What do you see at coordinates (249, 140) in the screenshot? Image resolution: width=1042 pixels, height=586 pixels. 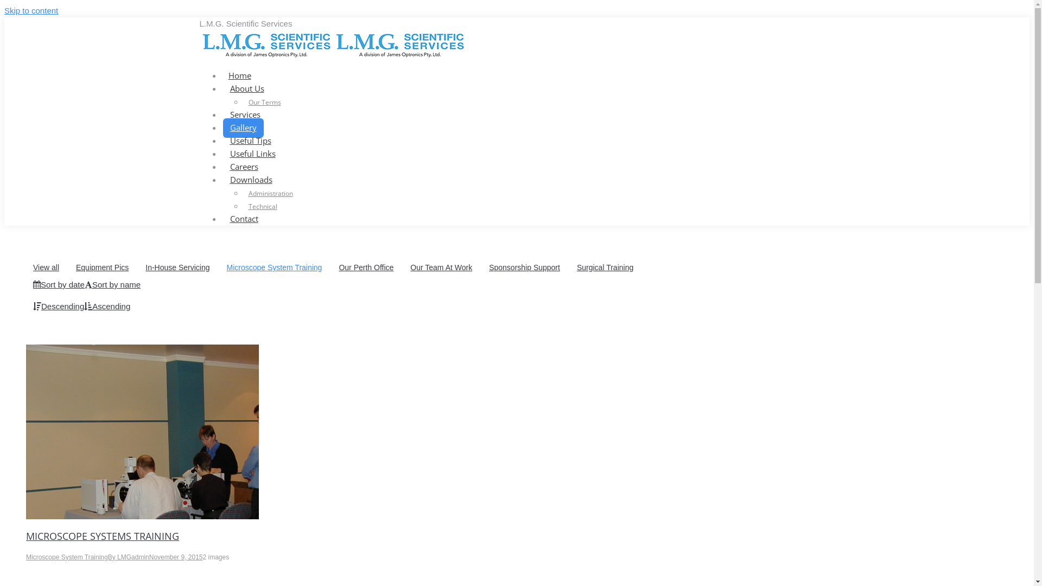 I see `'Useful Tips'` at bounding box center [249, 140].